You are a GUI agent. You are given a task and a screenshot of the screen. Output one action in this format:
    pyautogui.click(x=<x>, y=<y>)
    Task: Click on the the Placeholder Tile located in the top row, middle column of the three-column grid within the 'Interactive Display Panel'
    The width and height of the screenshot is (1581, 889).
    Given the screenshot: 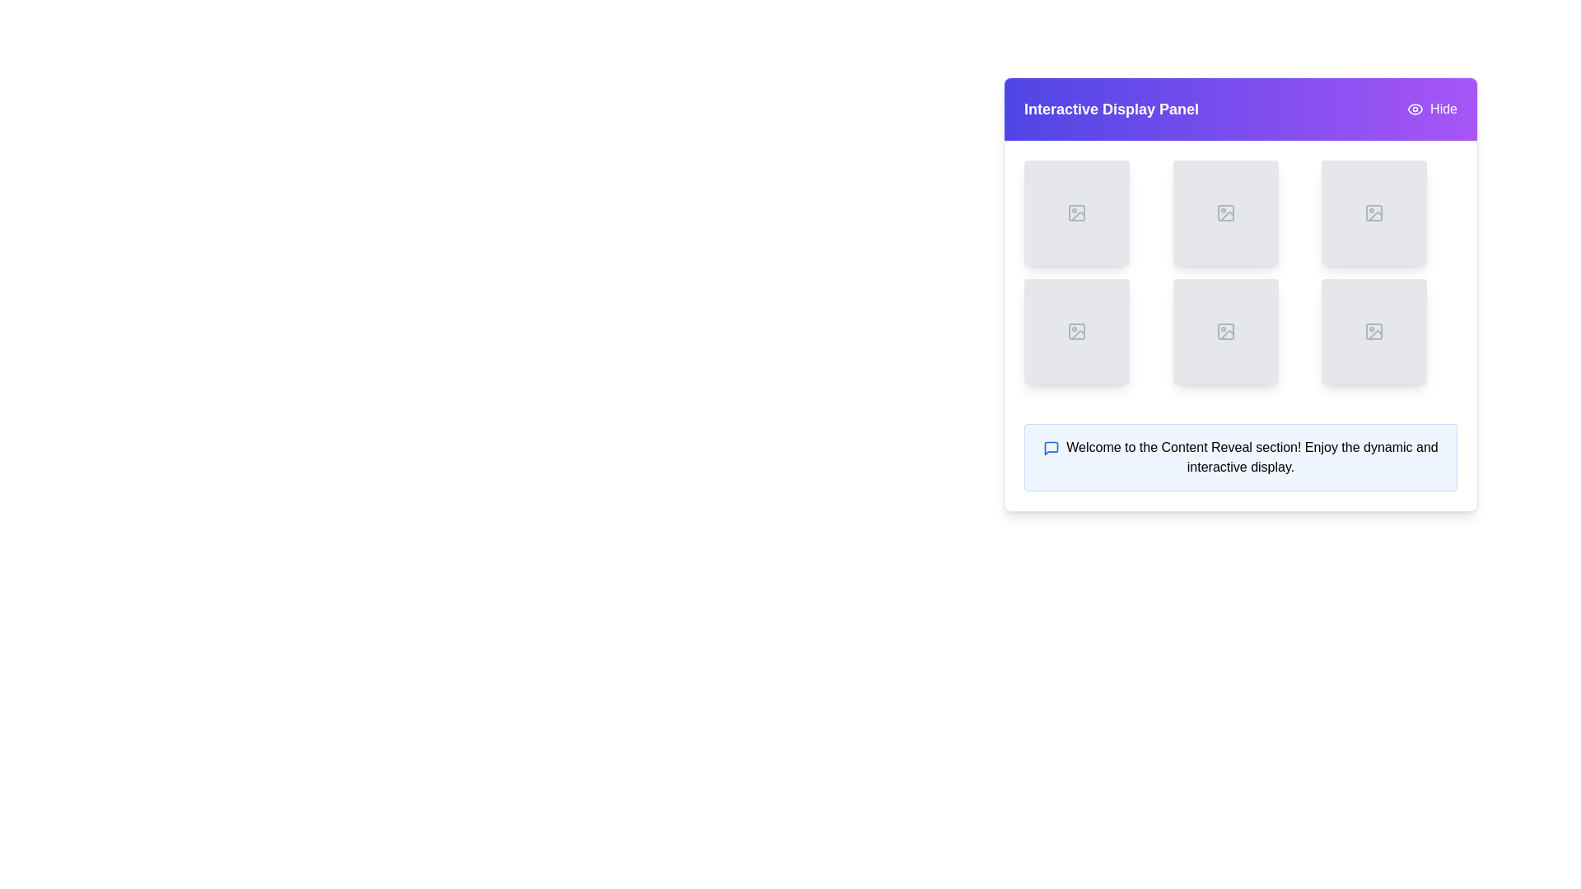 What is the action you would take?
    pyautogui.click(x=1225, y=212)
    